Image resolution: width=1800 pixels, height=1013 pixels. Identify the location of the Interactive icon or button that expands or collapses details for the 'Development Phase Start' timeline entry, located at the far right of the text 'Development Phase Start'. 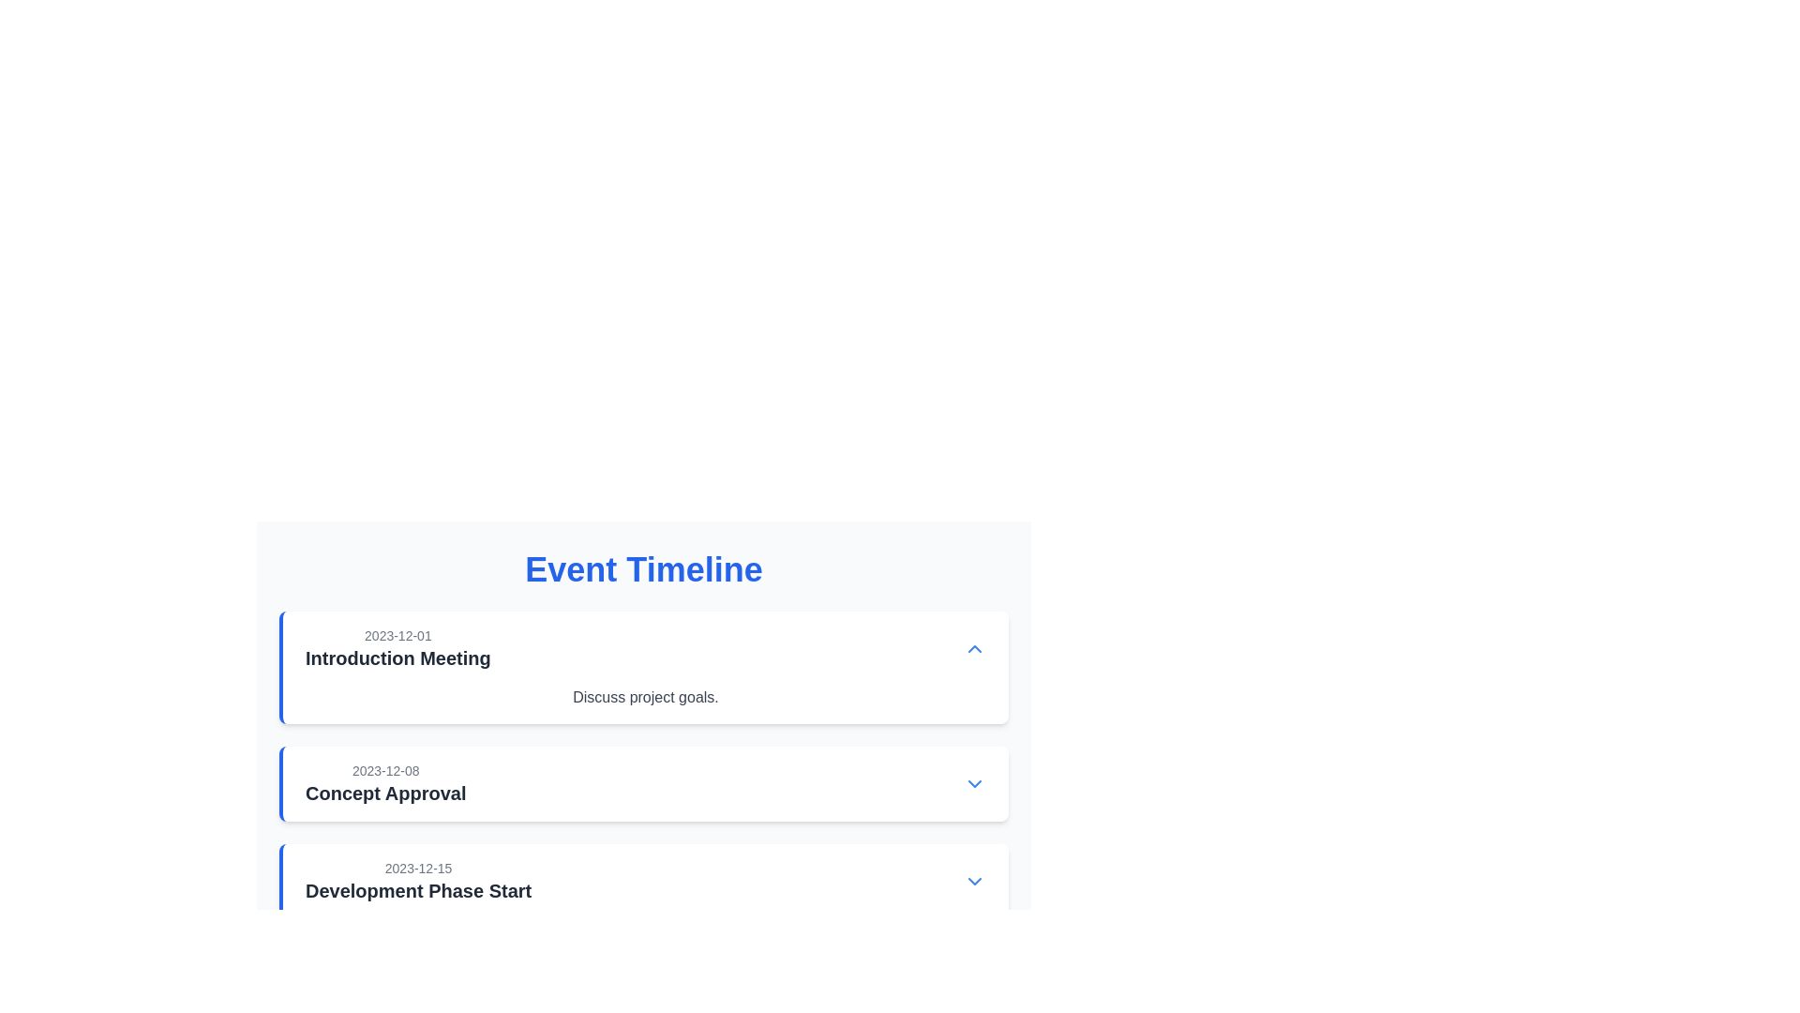
(975, 882).